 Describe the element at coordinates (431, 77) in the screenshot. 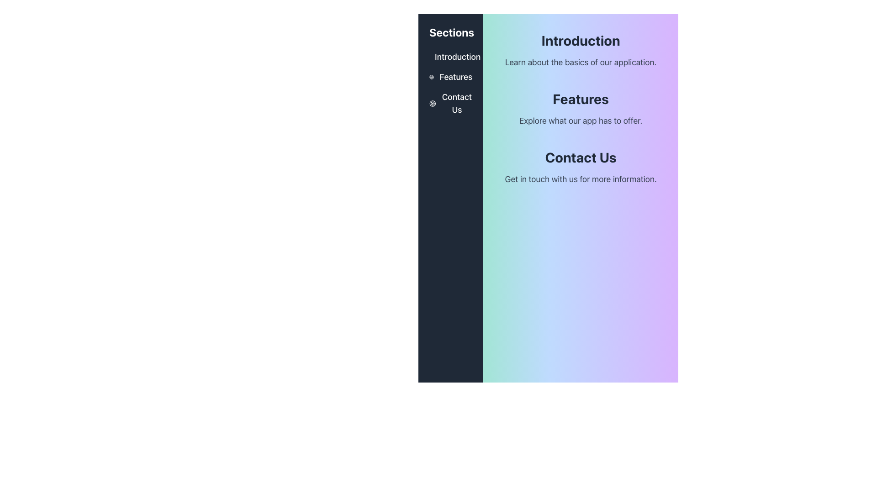

I see `the largest SVG Circle element of the target icon in the 'Features' menu item of the left-hand sidebar navigation` at that location.